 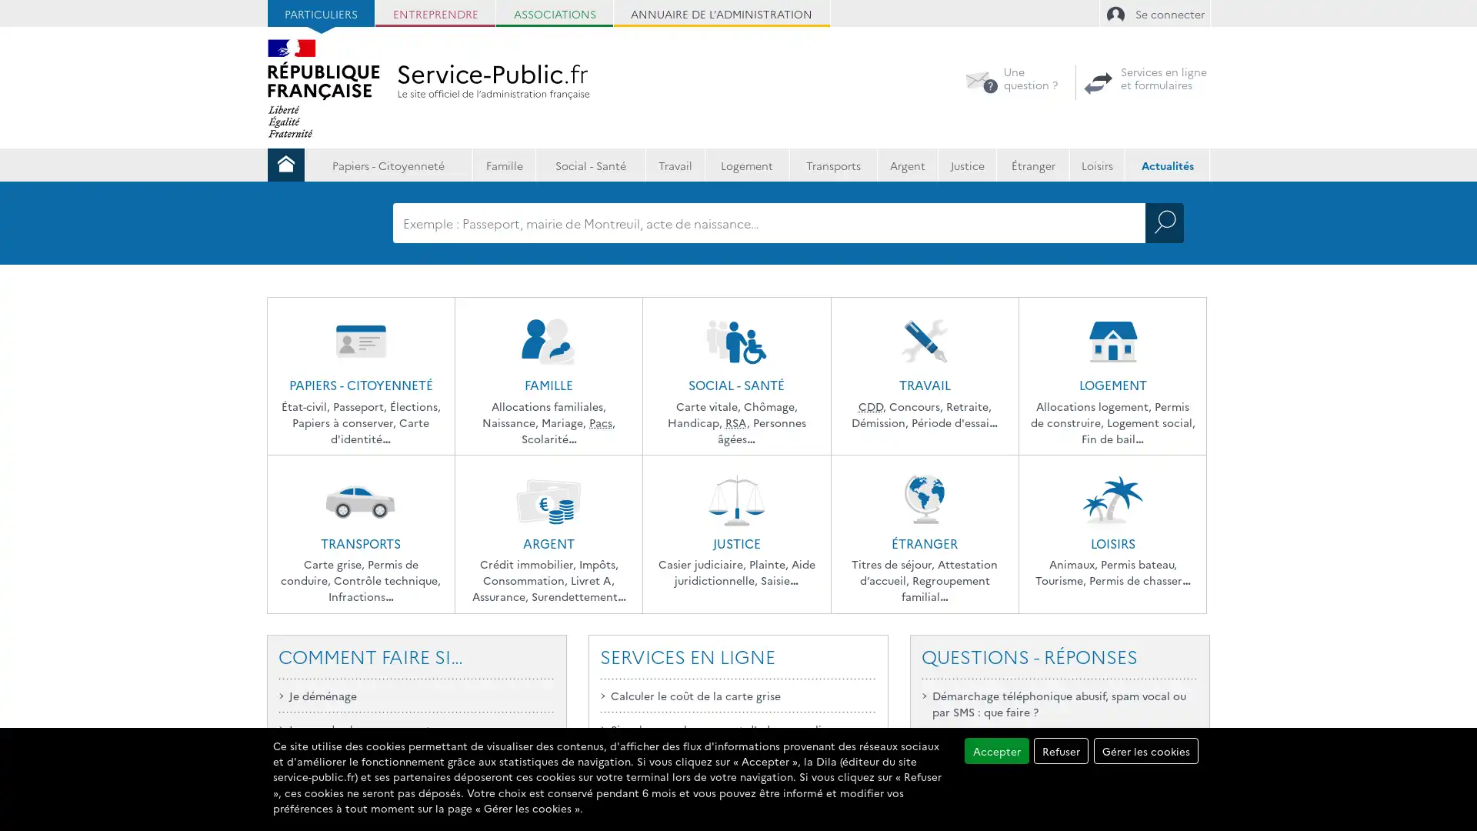 I want to click on Famille, so click(x=504, y=164).